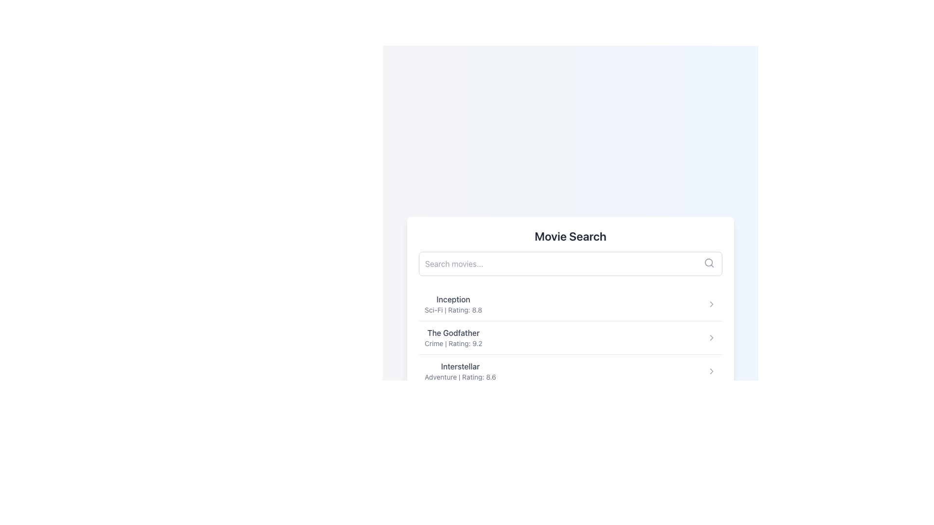 The image size is (934, 525). Describe the element at coordinates (709, 262) in the screenshot. I see `the search icon located at the top-right corner of the input field labeled 'Search movies...' to initiate a search` at that location.